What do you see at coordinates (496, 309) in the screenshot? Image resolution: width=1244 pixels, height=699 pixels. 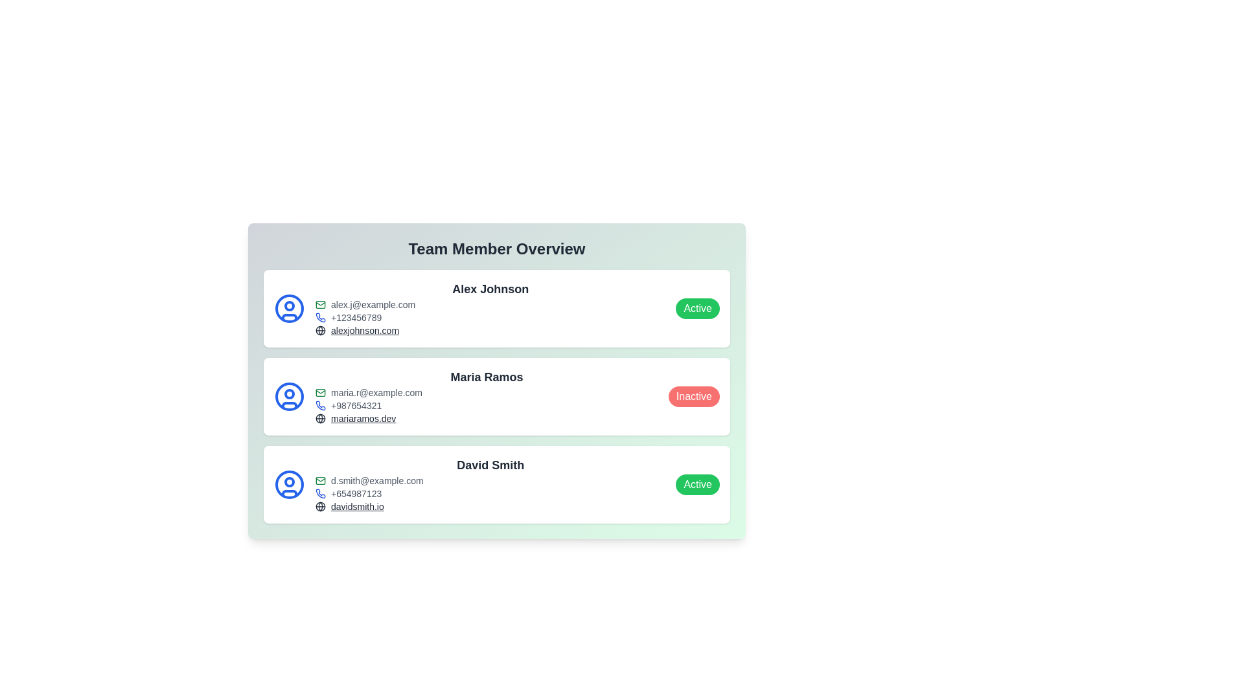 I see `the entry of Alex Johnson to open the context menu` at bounding box center [496, 309].